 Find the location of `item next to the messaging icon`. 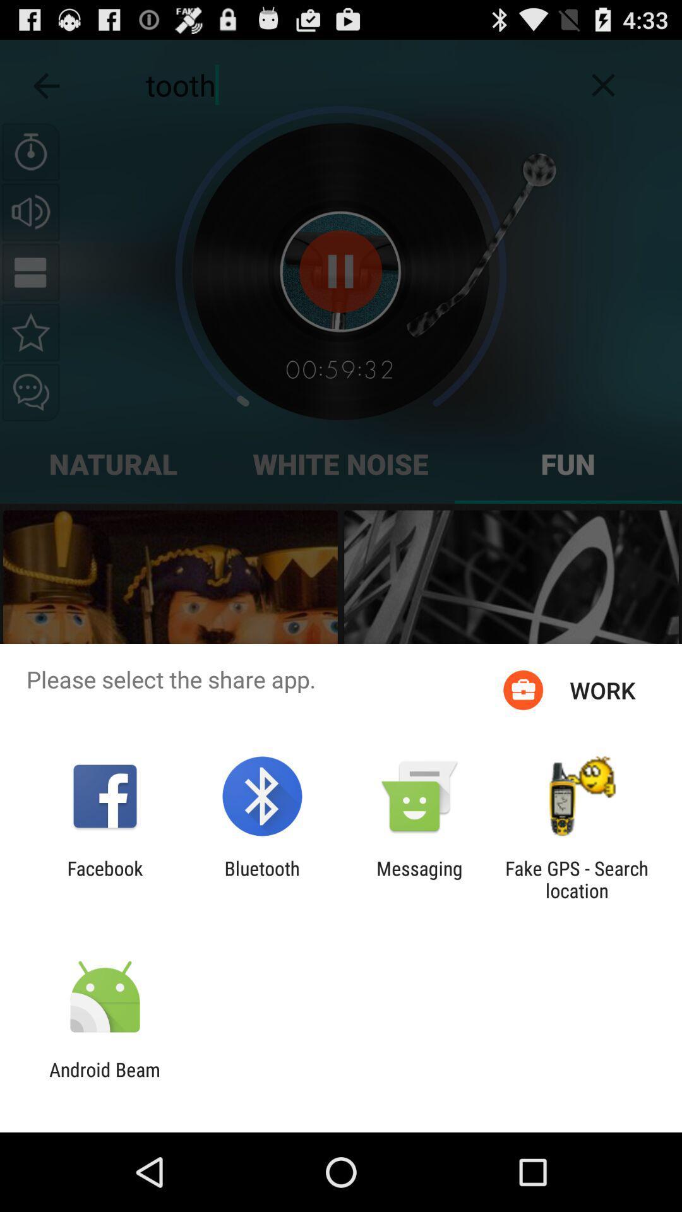

item next to the messaging icon is located at coordinates (577, 879).